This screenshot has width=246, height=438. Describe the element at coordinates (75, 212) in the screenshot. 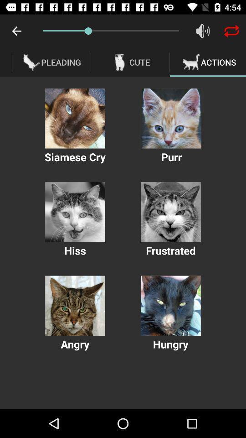

I see `interact play` at that location.